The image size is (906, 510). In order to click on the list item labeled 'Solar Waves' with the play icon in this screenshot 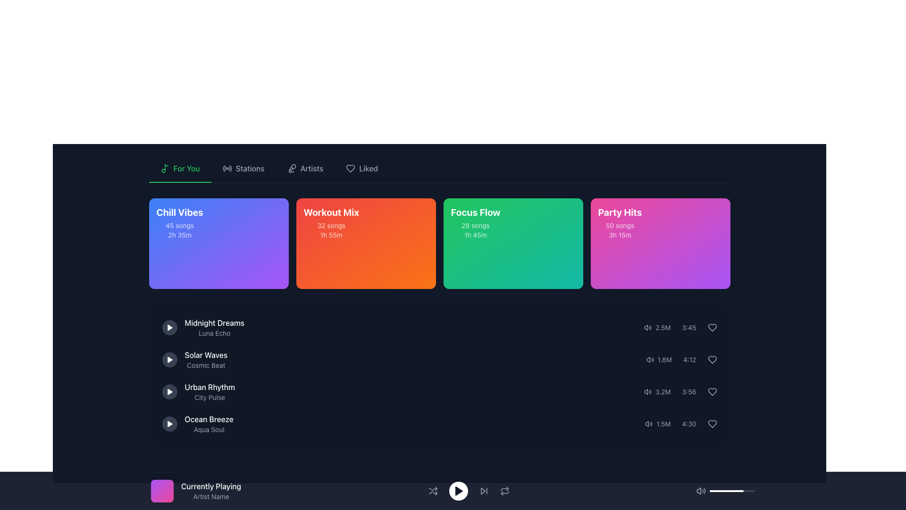, I will do `click(194, 360)`.